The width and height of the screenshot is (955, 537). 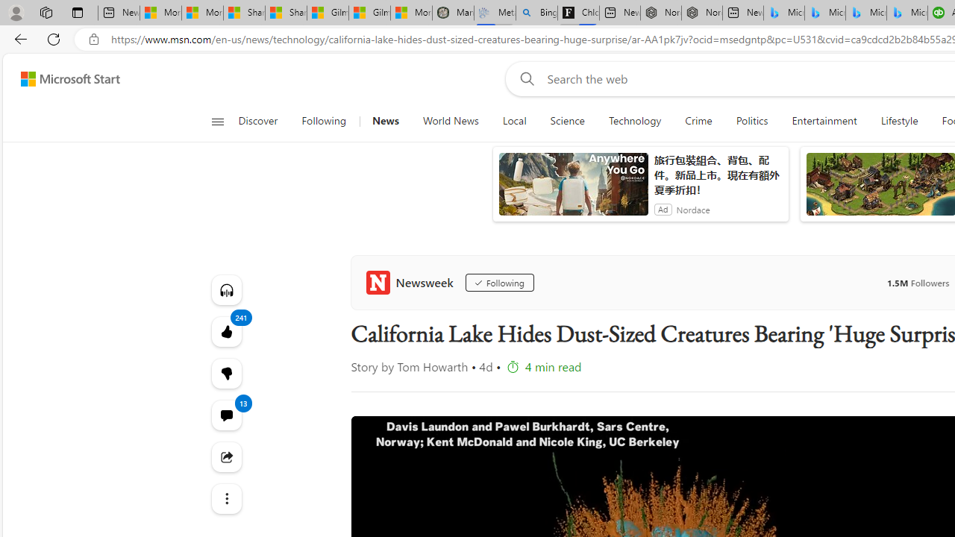 I want to click on 'Technology', so click(x=634, y=121).